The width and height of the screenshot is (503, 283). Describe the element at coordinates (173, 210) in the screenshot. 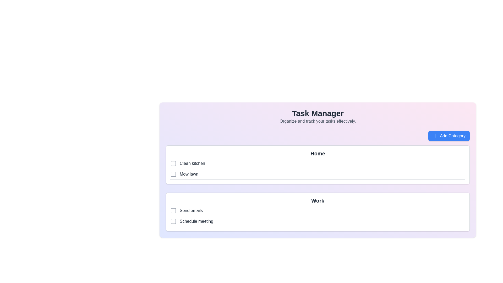

I see `the first checkbox` at that location.